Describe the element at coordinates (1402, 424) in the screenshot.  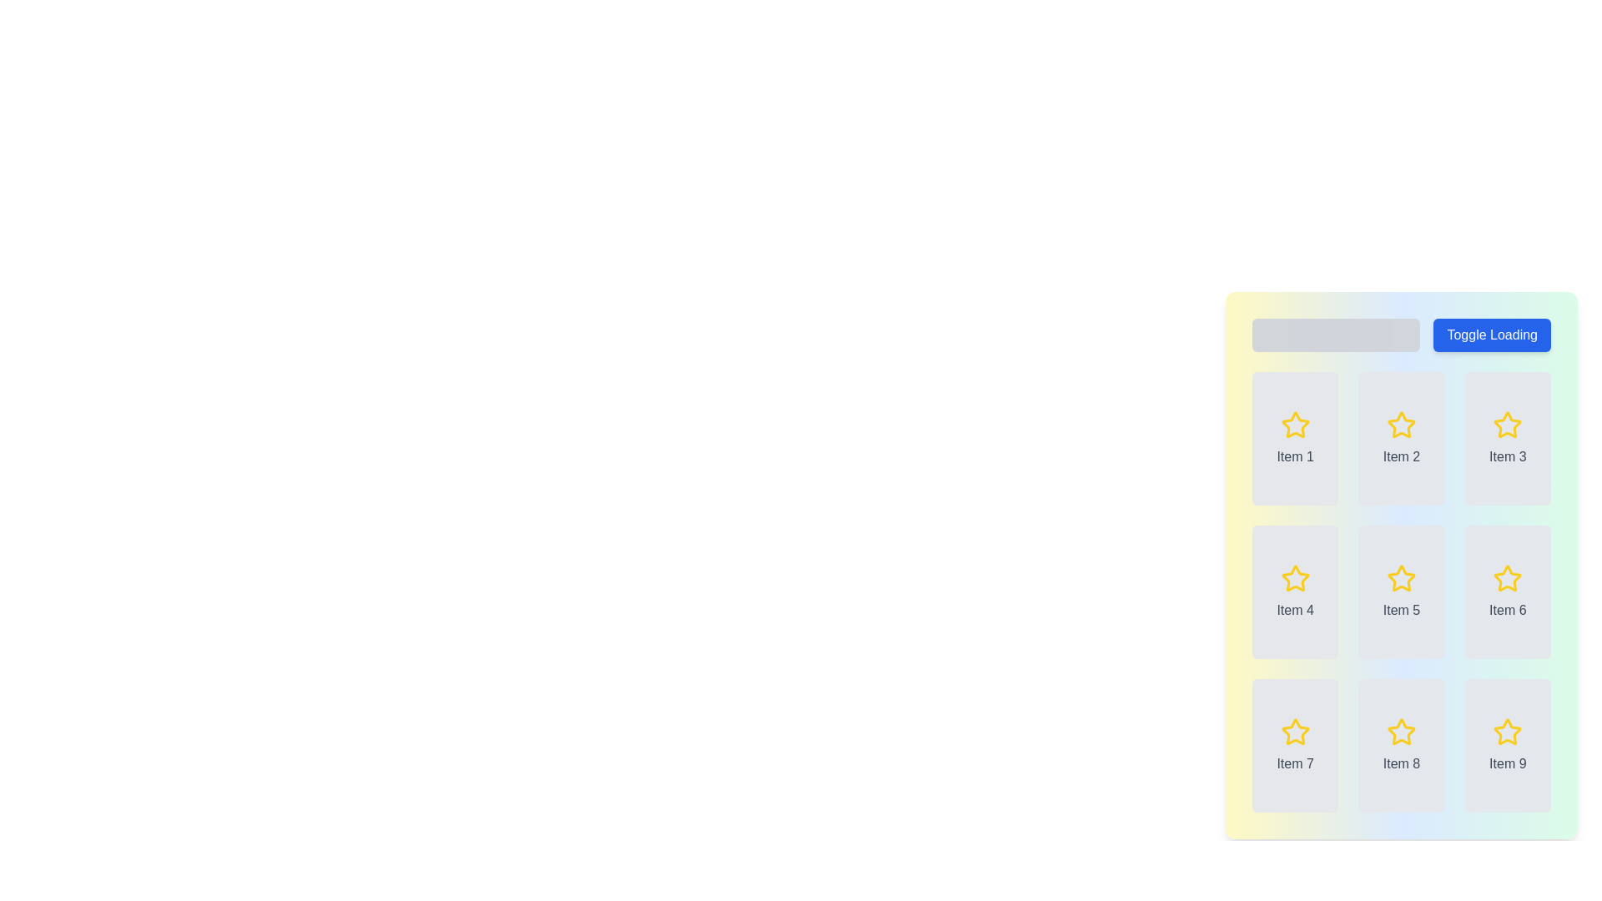
I see `the yellow outlined rating star icon located in the second position from the left on the top row of the grid layout` at that location.